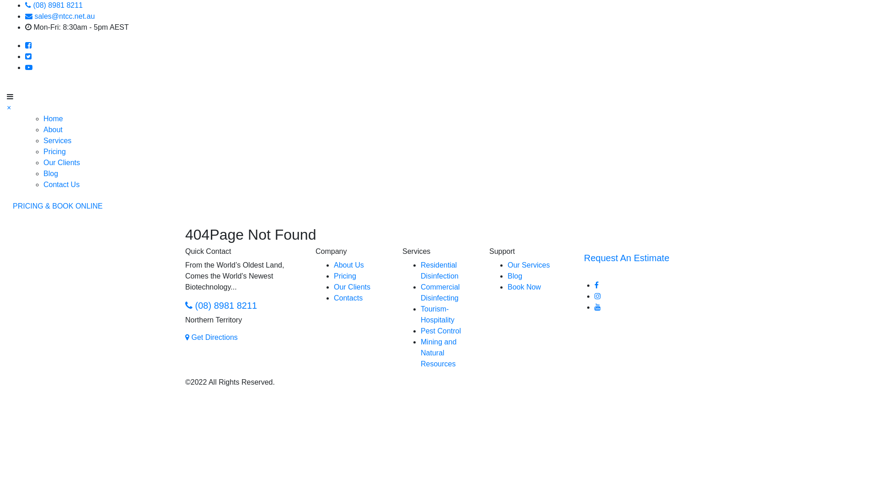 The width and height of the screenshot is (878, 494). Describe the element at coordinates (441, 331) in the screenshot. I see `'Pest Control'` at that location.